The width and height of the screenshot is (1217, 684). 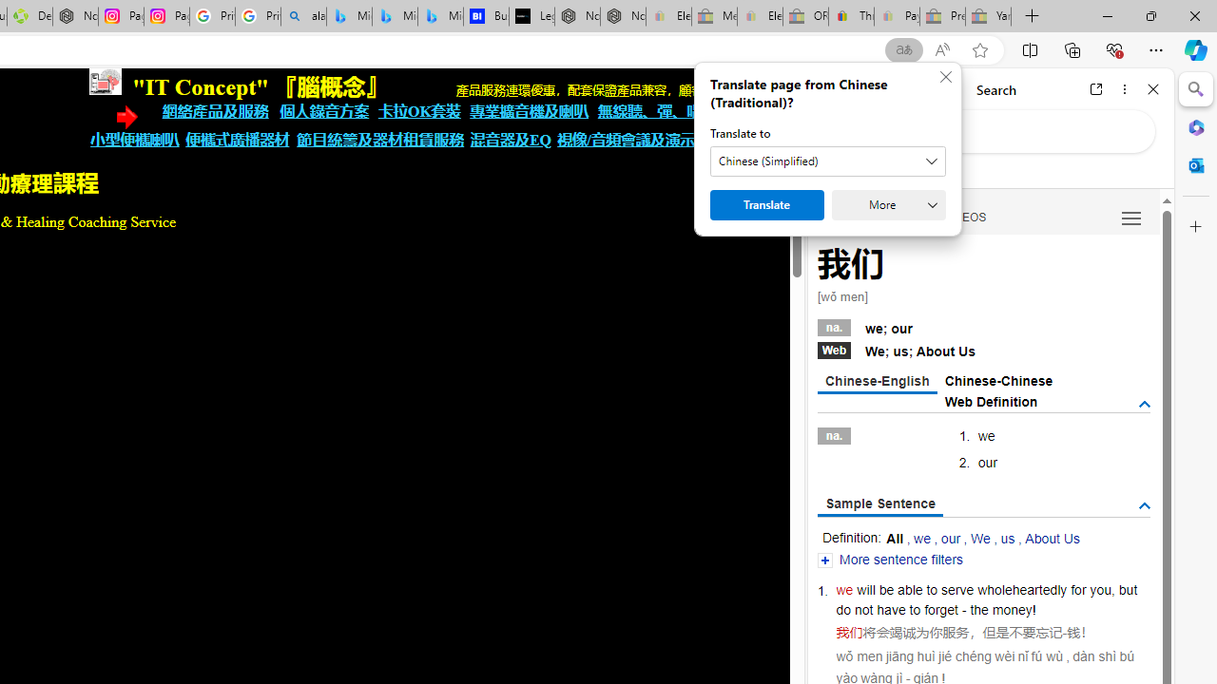 I want to click on 'alabama high school quarterback dies - Search', so click(x=302, y=16).